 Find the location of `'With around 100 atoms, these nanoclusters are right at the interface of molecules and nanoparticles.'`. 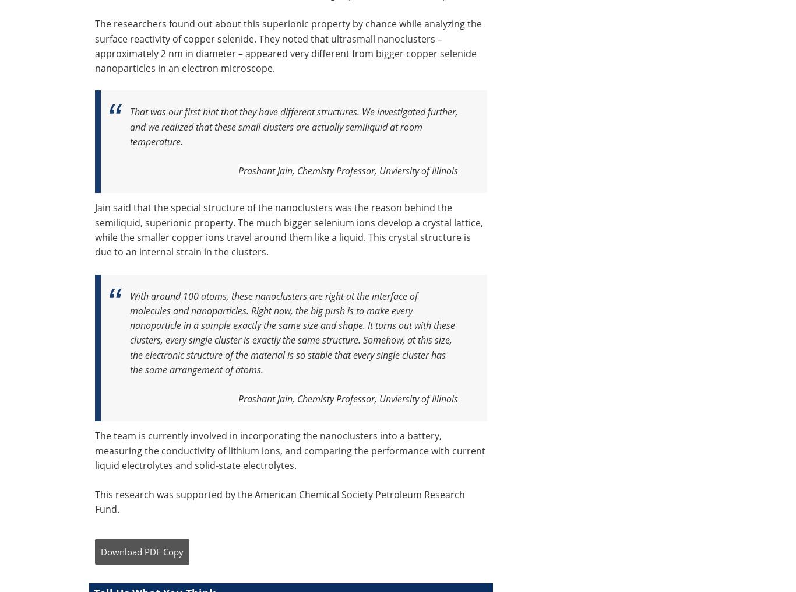

'With around 100 atoms, these nanoclusters are right at the interface of molecules and nanoparticles.' is located at coordinates (274, 303).